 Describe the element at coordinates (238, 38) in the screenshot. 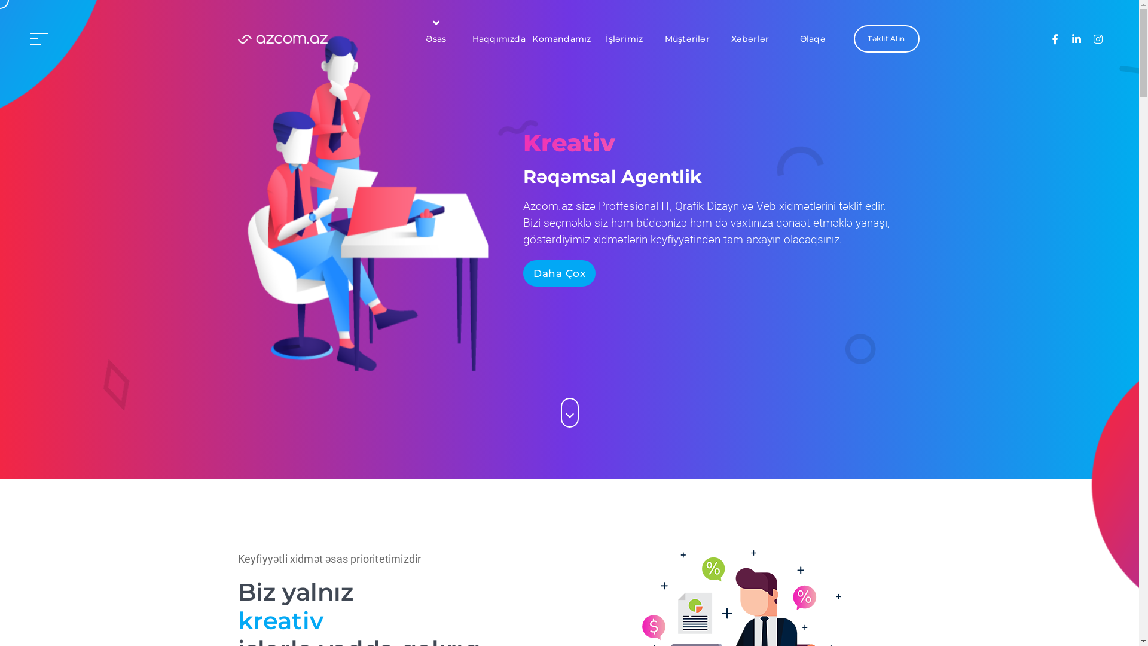

I see `'www.azcom.az'` at that location.